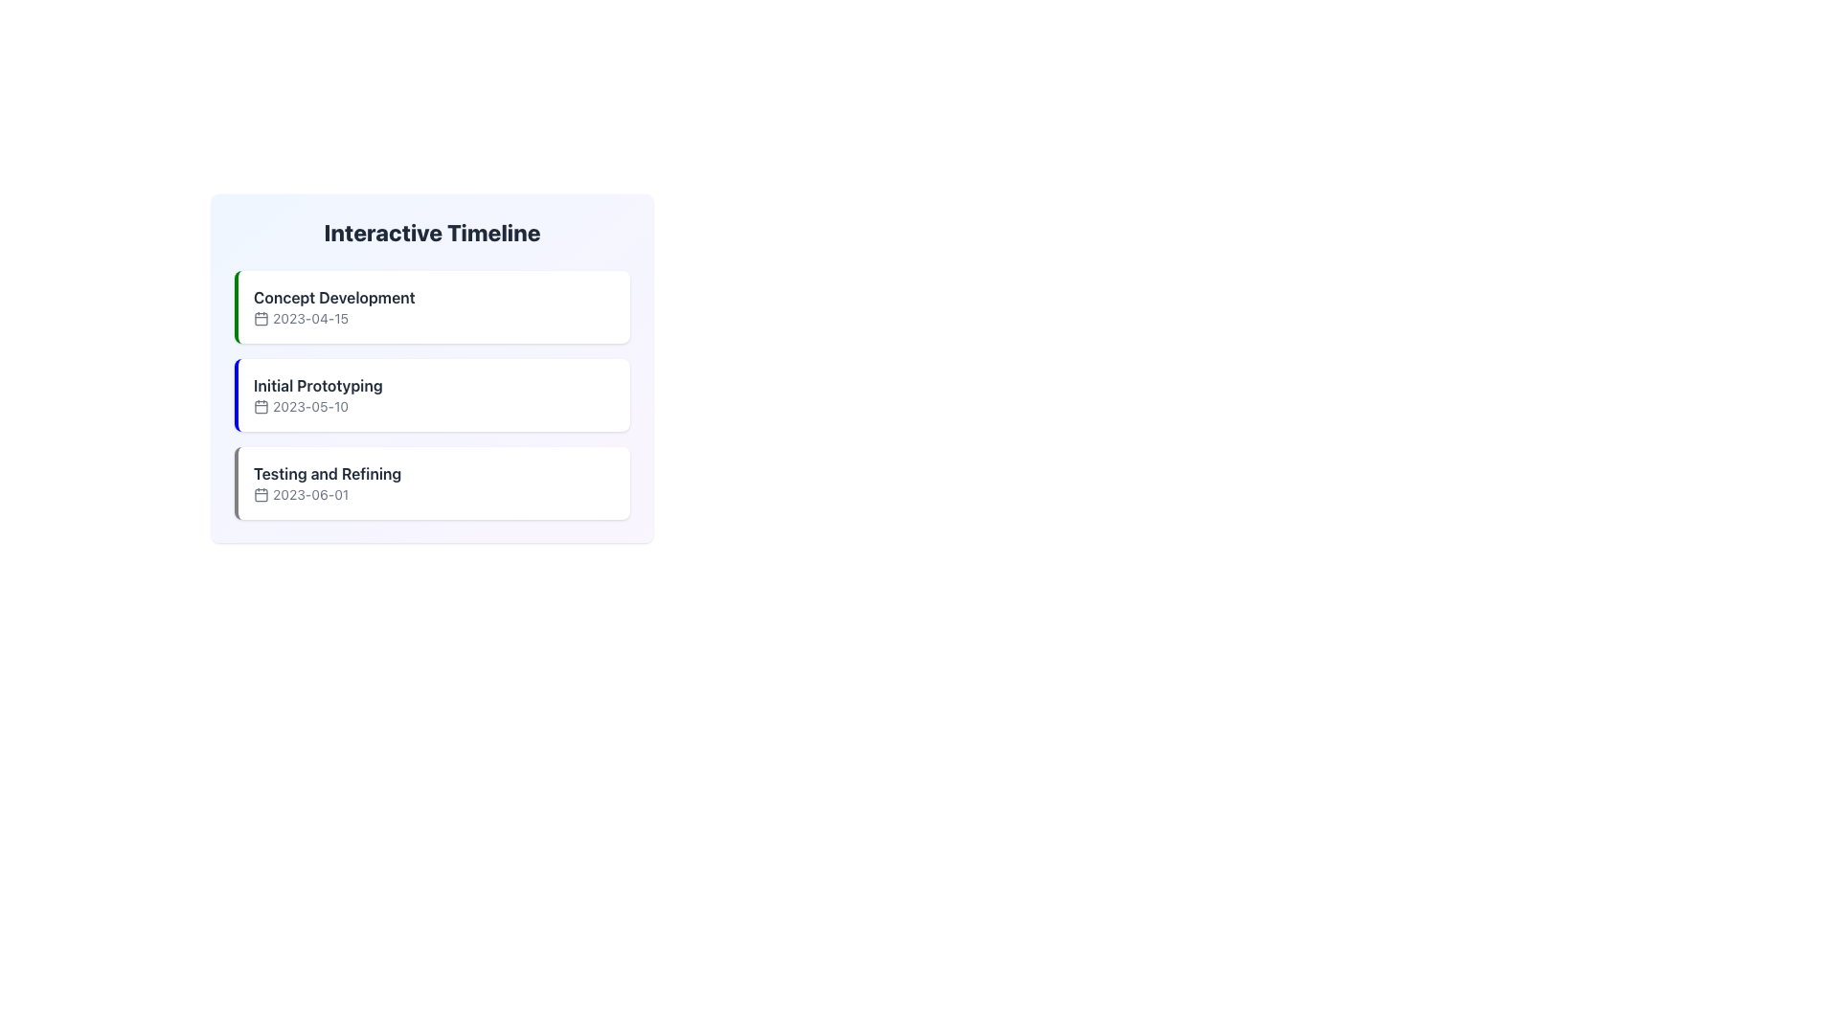 The width and height of the screenshot is (1839, 1034). I want to click on the text label at the top center of the 'Interactive Timeline' section, so click(334, 298).